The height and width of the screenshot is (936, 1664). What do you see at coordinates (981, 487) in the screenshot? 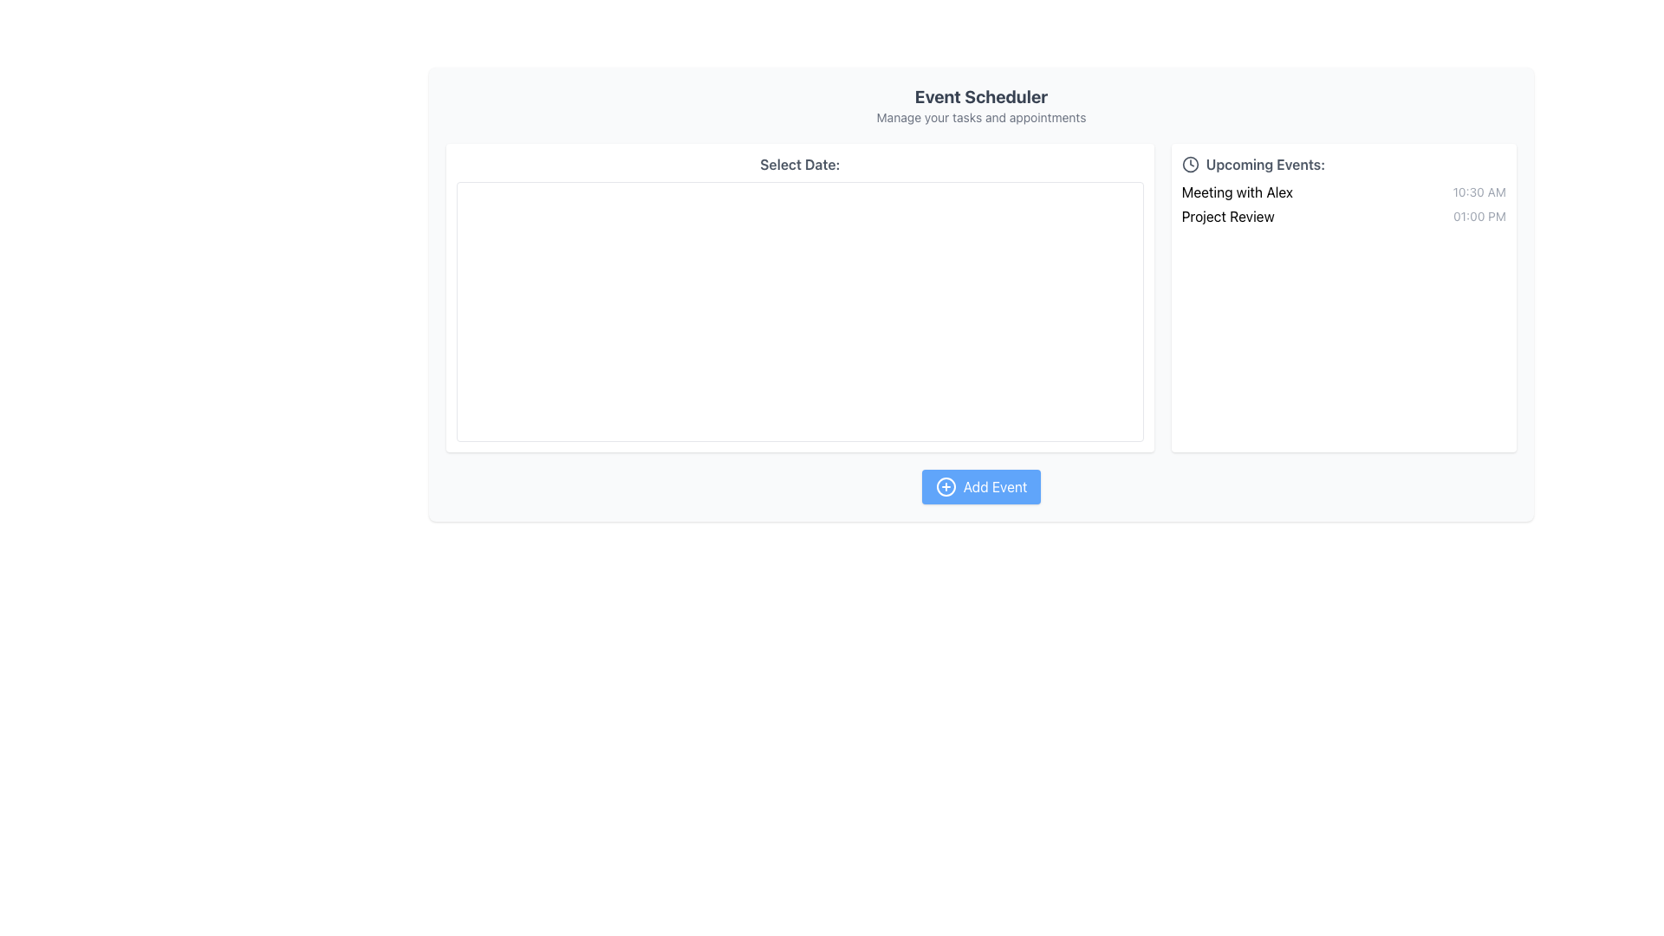
I see `the button located at the bottom center of the 'Event Scheduler' interface` at bounding box center [981, 487].